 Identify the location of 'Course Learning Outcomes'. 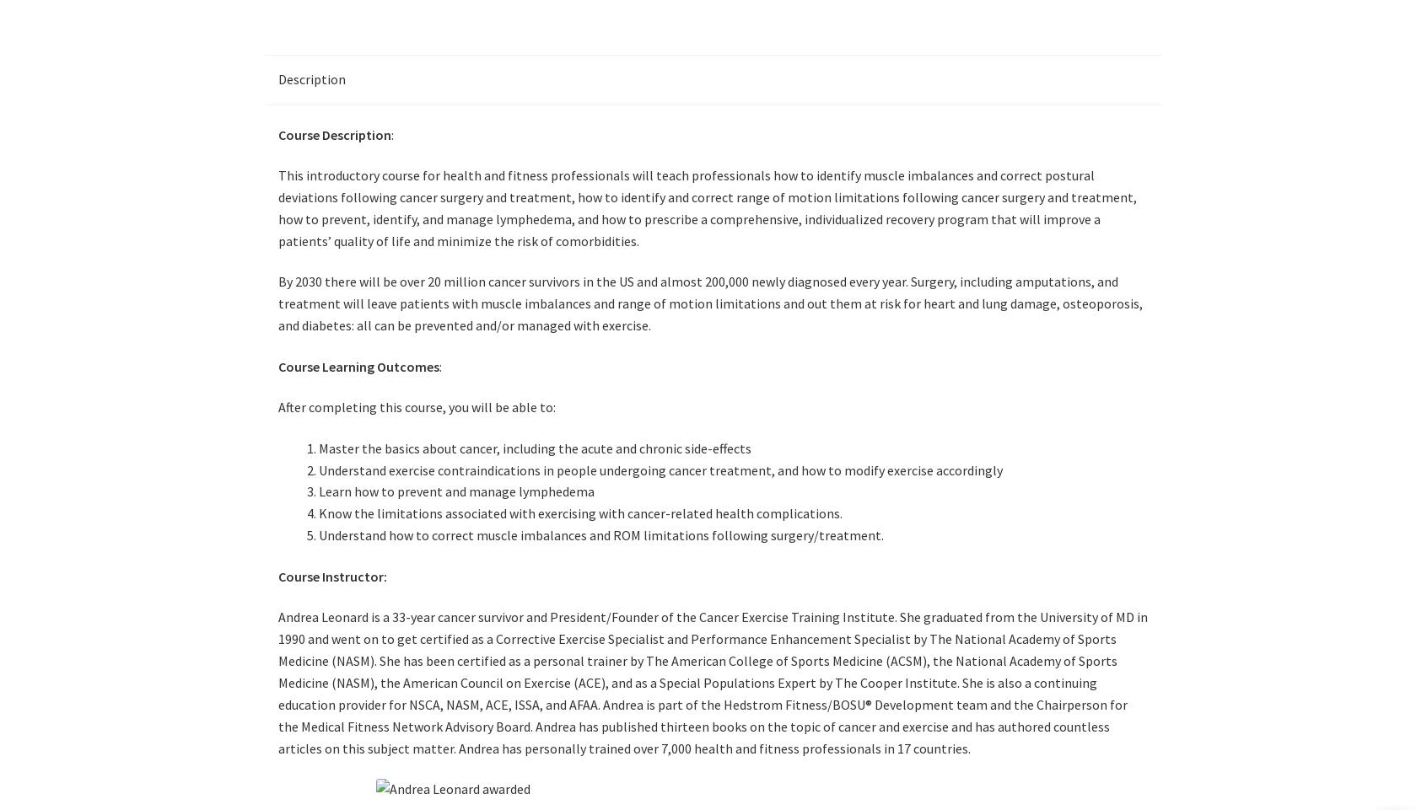
(358, 364).